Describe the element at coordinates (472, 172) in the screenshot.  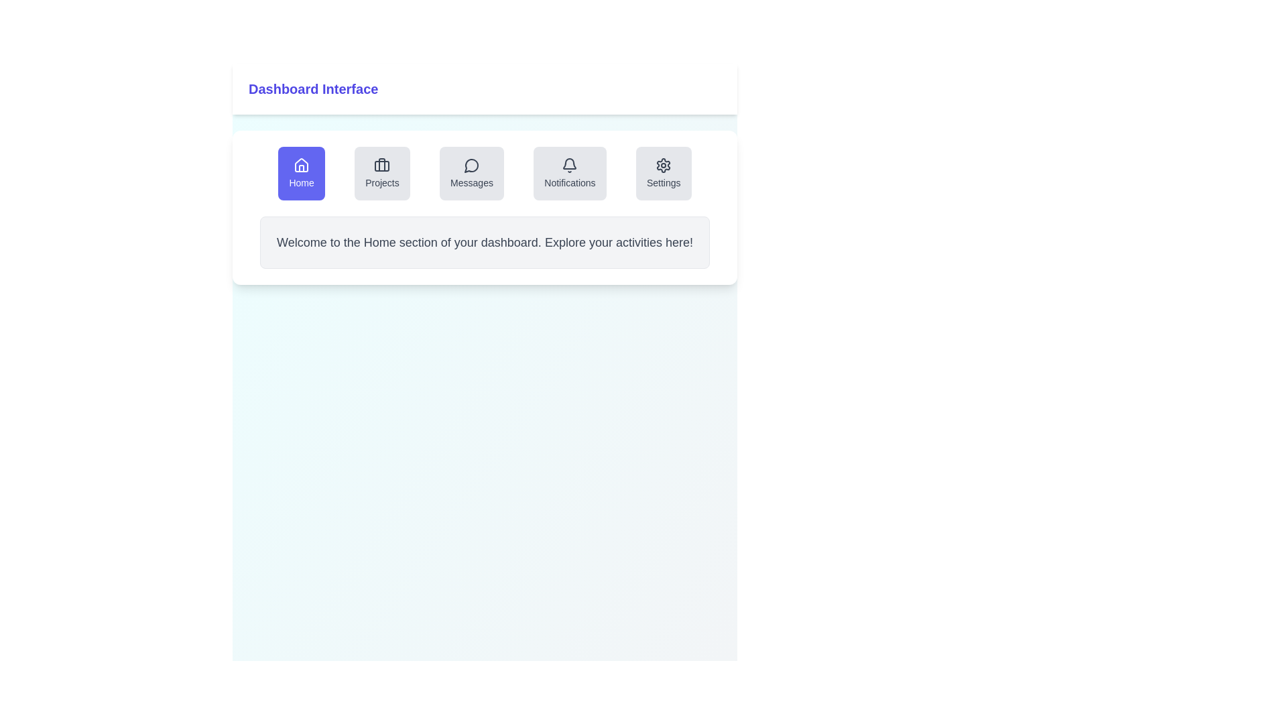
I see `the third button in the horizontal row of five buttons, which has an icon and text for navigating to the messages section of the application, to trigger visual feedback` at that location.